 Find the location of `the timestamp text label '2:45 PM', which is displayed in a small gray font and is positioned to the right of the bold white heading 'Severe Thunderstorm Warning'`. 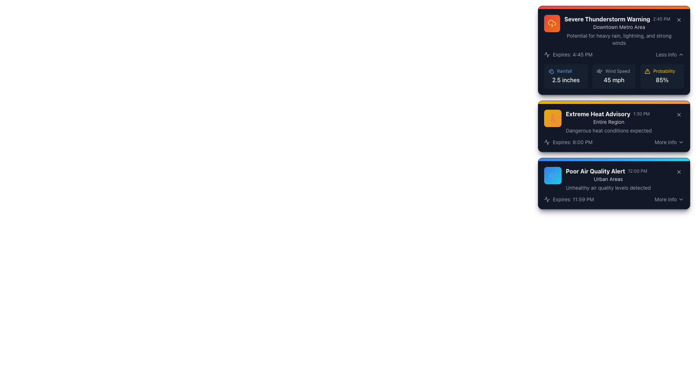

the timestamp text label '2:45 PM', which is displayed in a small gray font and is positioned to the right of the bold white heading 'Severe Thunderstorm Warning' is located at coordinates (662, 19).